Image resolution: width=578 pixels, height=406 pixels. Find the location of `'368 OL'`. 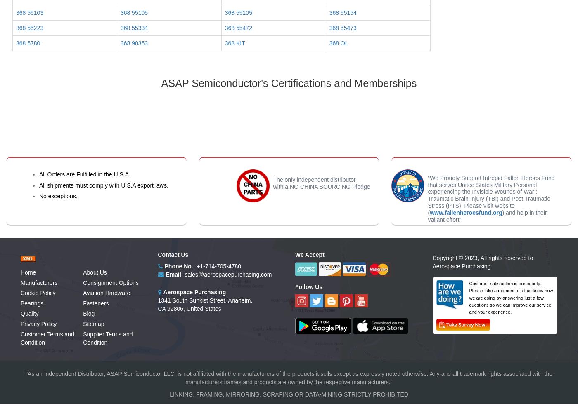

'368 OL' is located at coordinates (329, 43).